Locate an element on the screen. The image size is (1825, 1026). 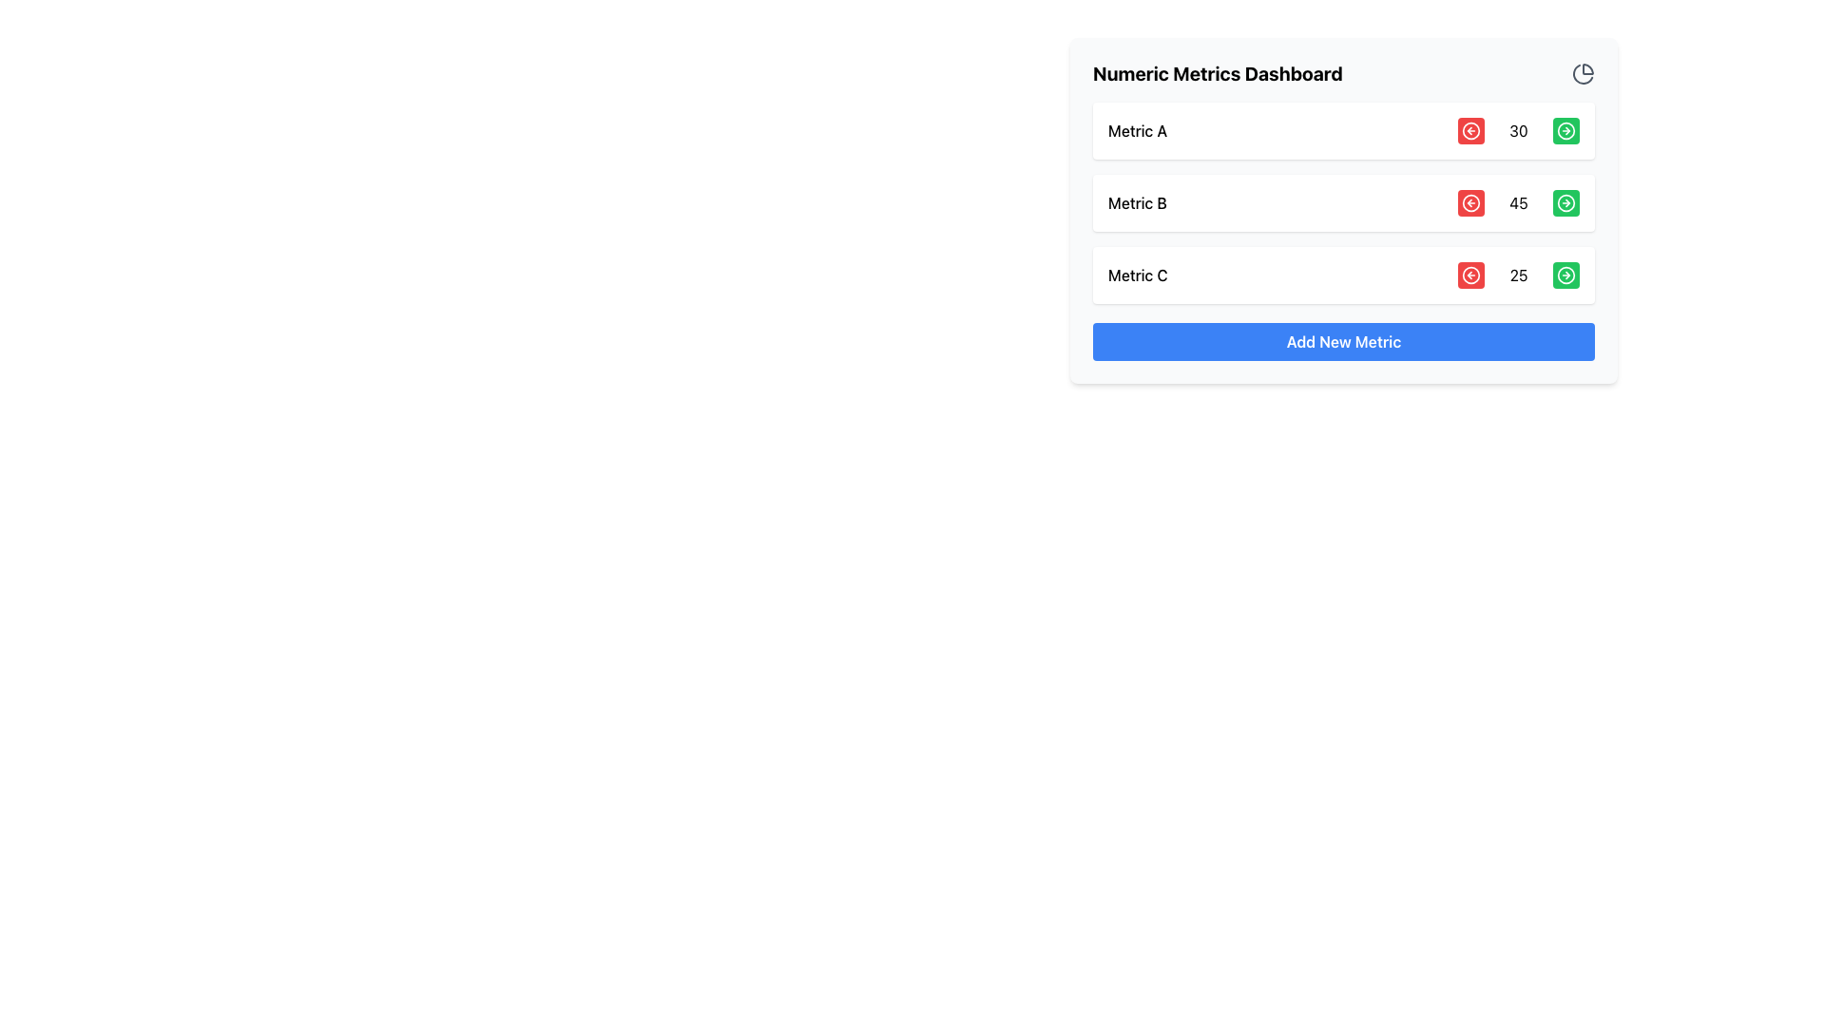
the Text Label displaying 'Metric A', which is bold and positioned at the upper section of the containing card, aligned to the left is located at coordinates (1138, 130).